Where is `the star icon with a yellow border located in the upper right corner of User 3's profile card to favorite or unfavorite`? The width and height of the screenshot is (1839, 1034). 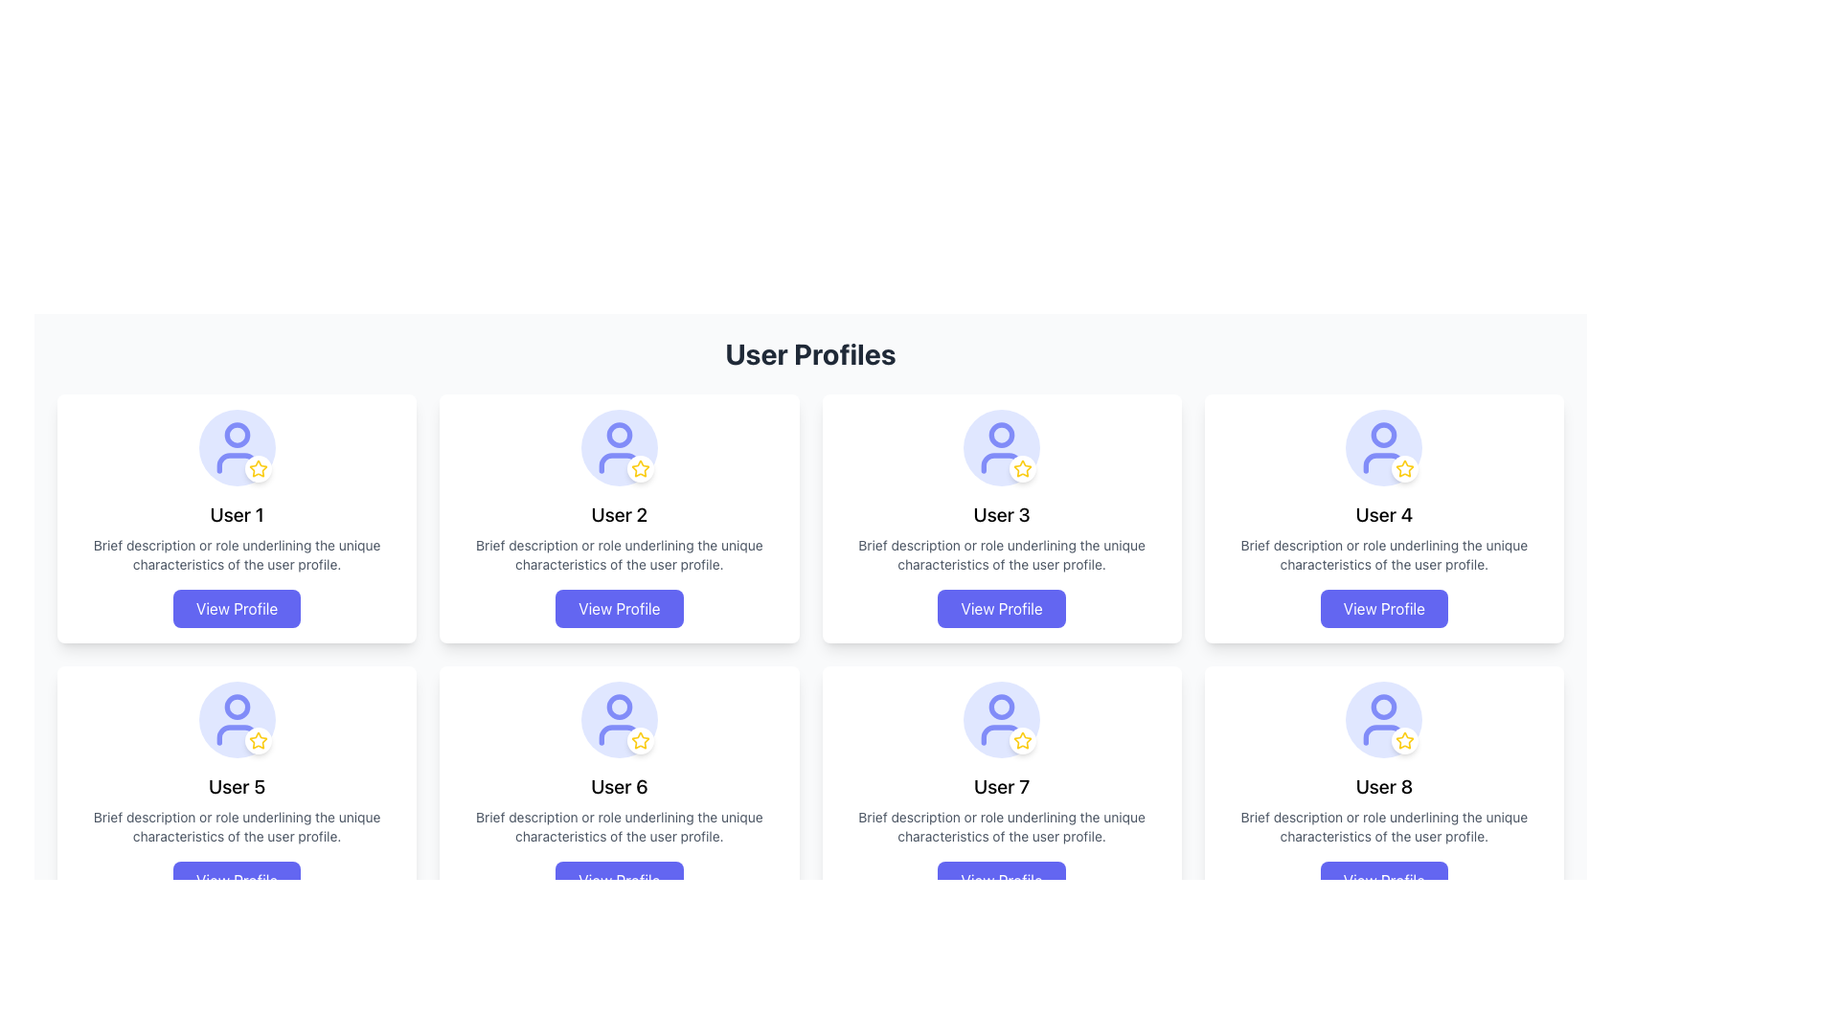
the star icon with a yellow border located in the upper right corner of User 3's profile card to favorite or unfavorite is located at coordinates (1022, 468).